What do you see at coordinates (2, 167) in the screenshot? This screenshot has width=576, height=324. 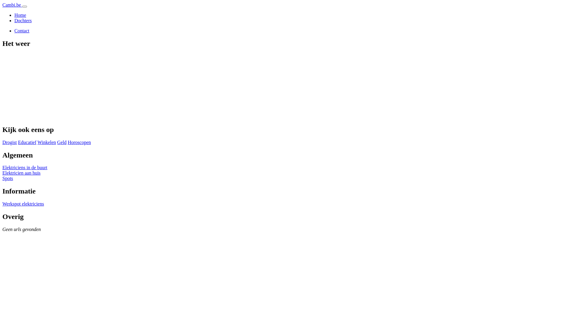 I see `'Elektriciens in de buurt'` at bounding box center [2, 167].